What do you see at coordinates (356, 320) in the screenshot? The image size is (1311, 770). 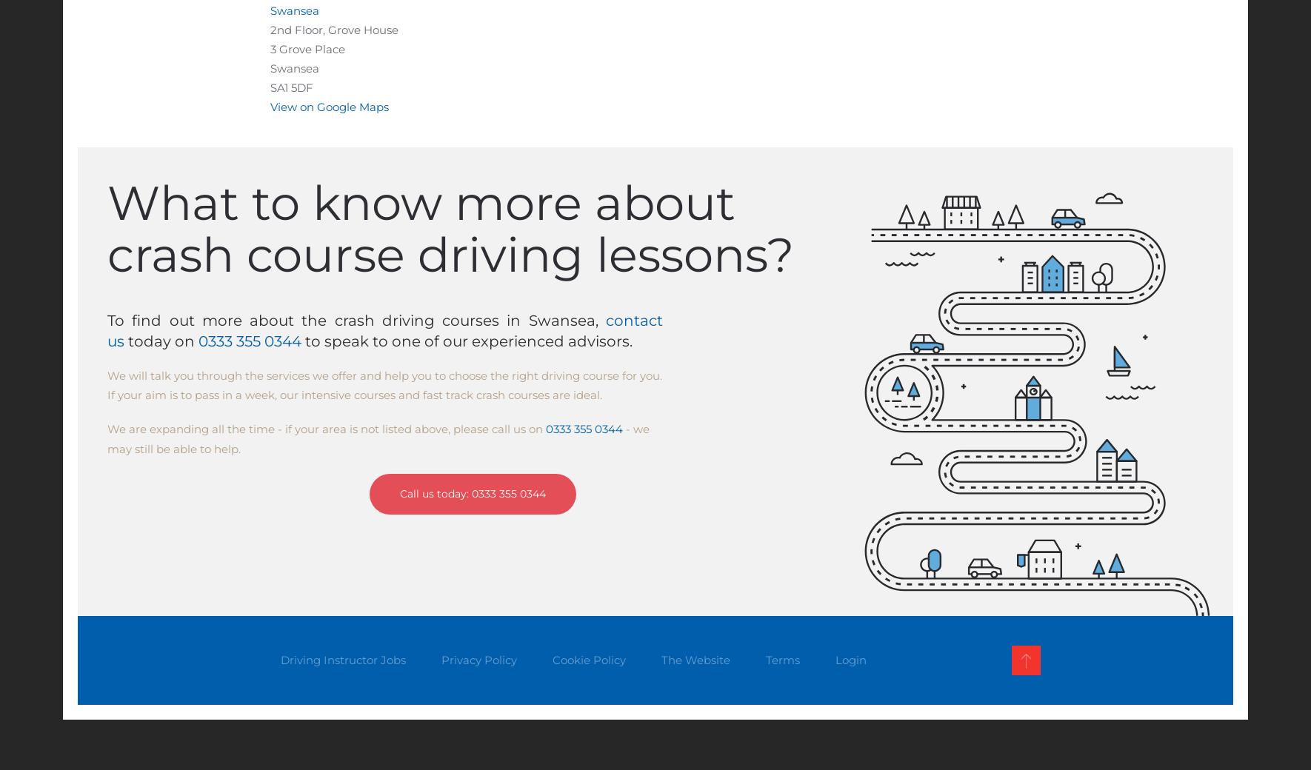 I see `'To find out more about the crash driving courses in Swansea,'` at bounding box center [356, 320].